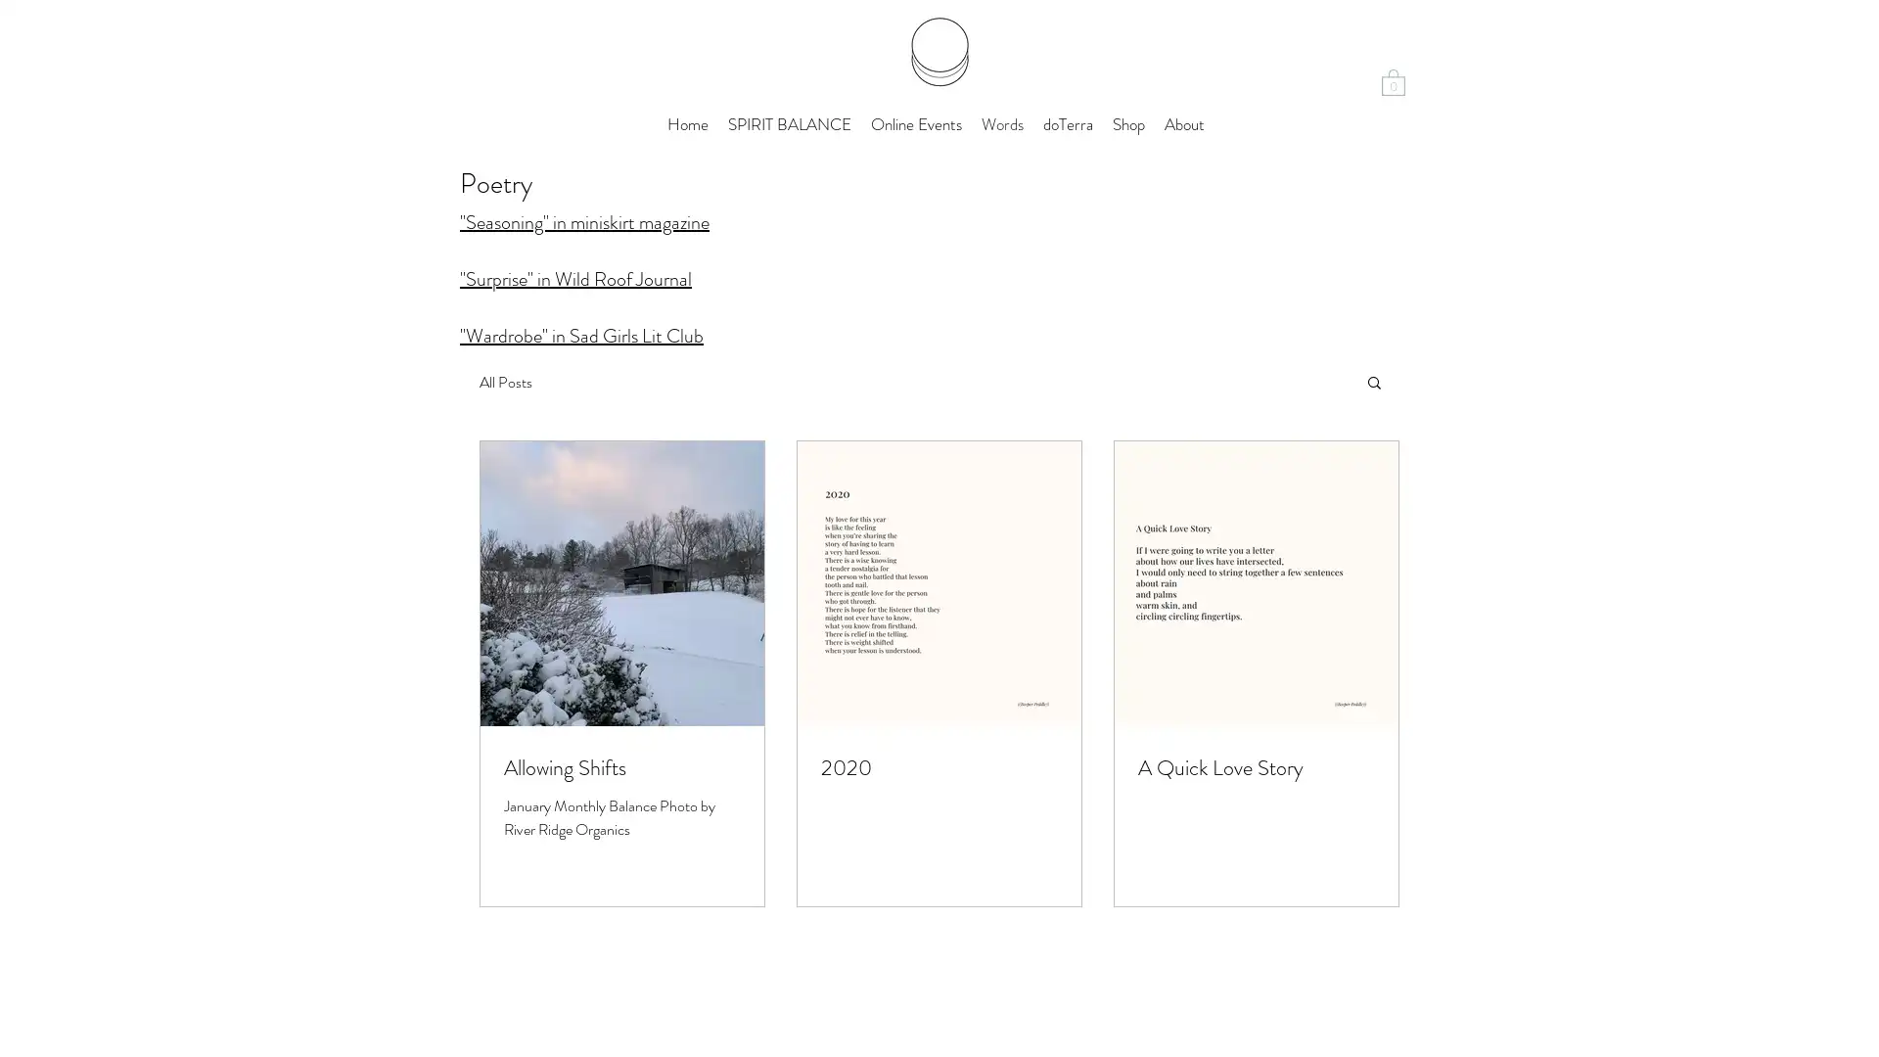  I want to click on Cart with 0 items, so click(1393, 80).